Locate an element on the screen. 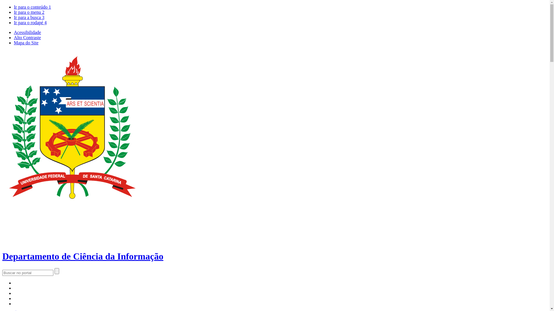 The height and width of the screenshot is (311, 554). 'Acessibilidade' is located at coordinates (27, 32).